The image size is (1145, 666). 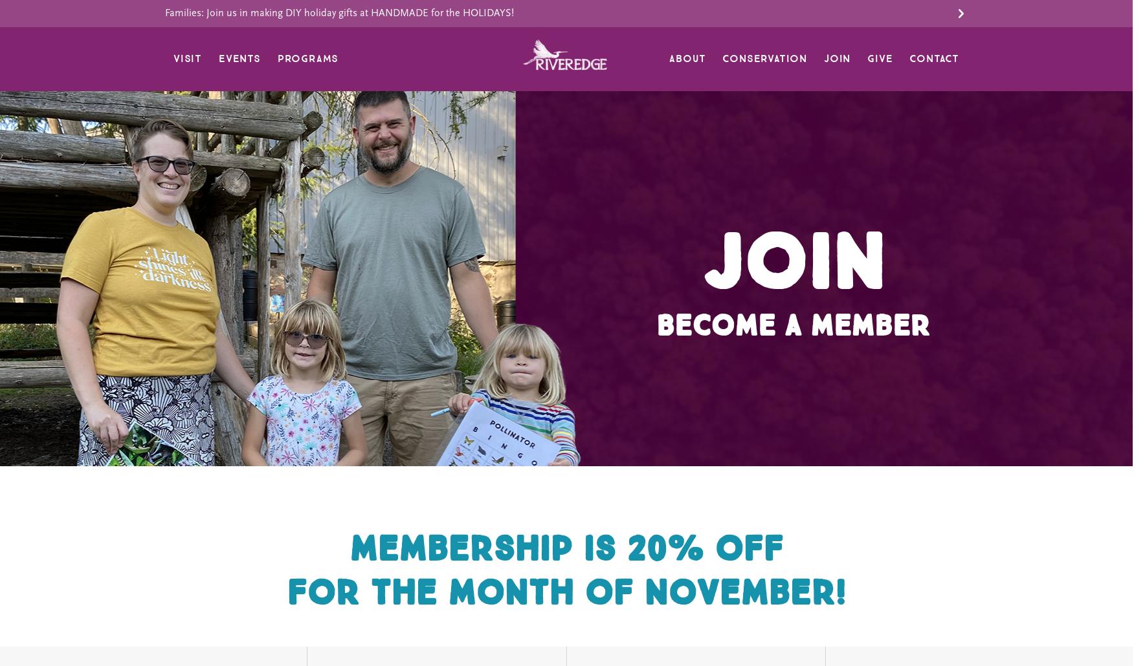 What do you see at coordinates (867, 58) in the screenshot?
I see `'Give'` at bounding box center [867, 58].